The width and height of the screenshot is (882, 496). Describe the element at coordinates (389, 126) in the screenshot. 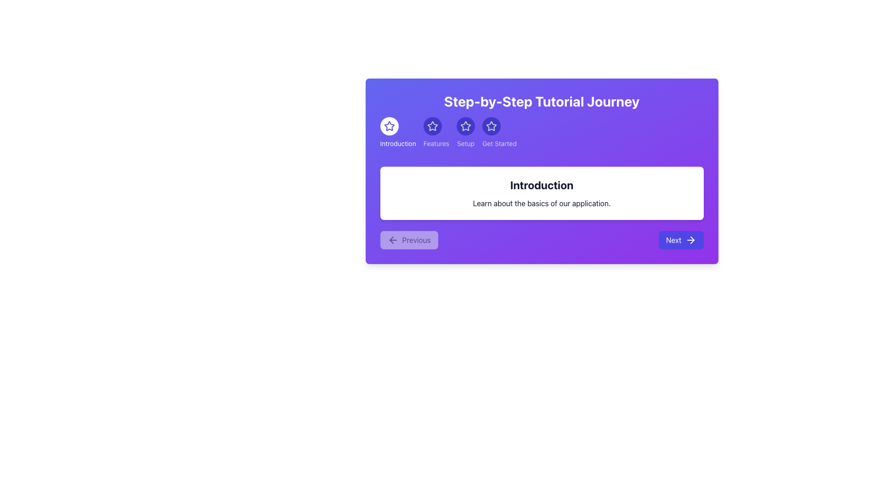

I see `the 'Introduction' navigation button located in the top section of the interface` at that location.